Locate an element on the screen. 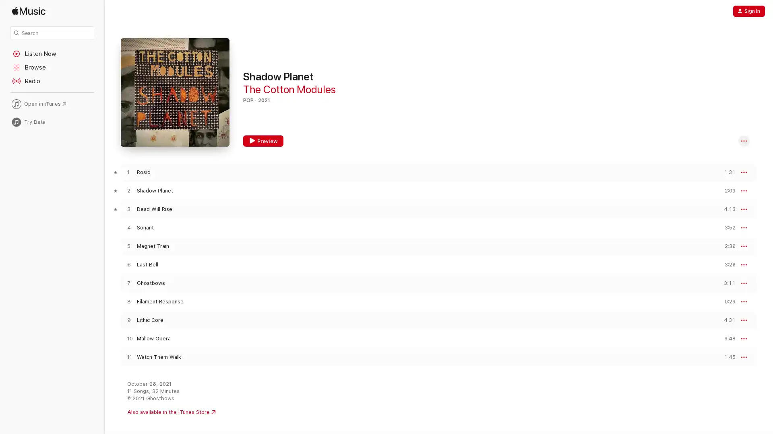  Preview is located at coordinates (726, 283).